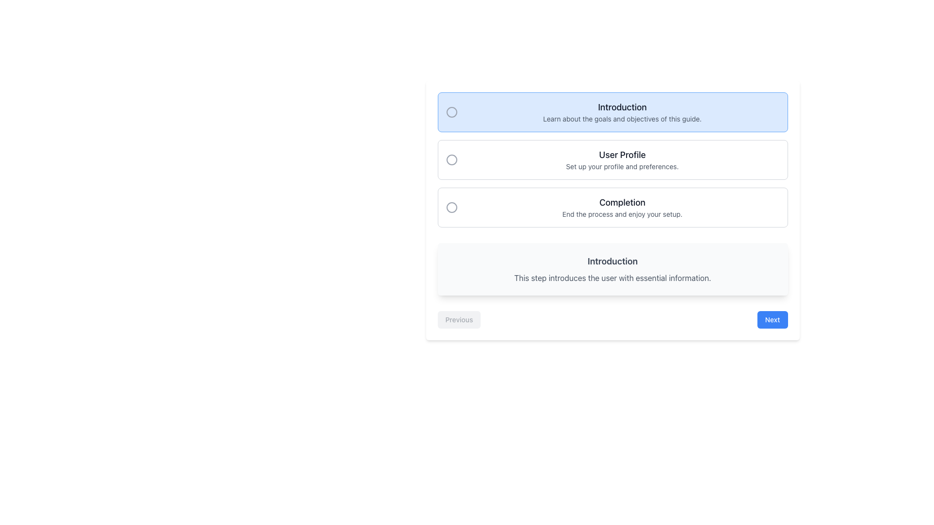 The width and height of the screenshot is (934, 525). Describe the element at coordinates (622, 159) in the screenshot. I see `the informational text option located centrally within the page, specifically between 'Introduction' and 'Completion' in the selectable list item layout` at that location.